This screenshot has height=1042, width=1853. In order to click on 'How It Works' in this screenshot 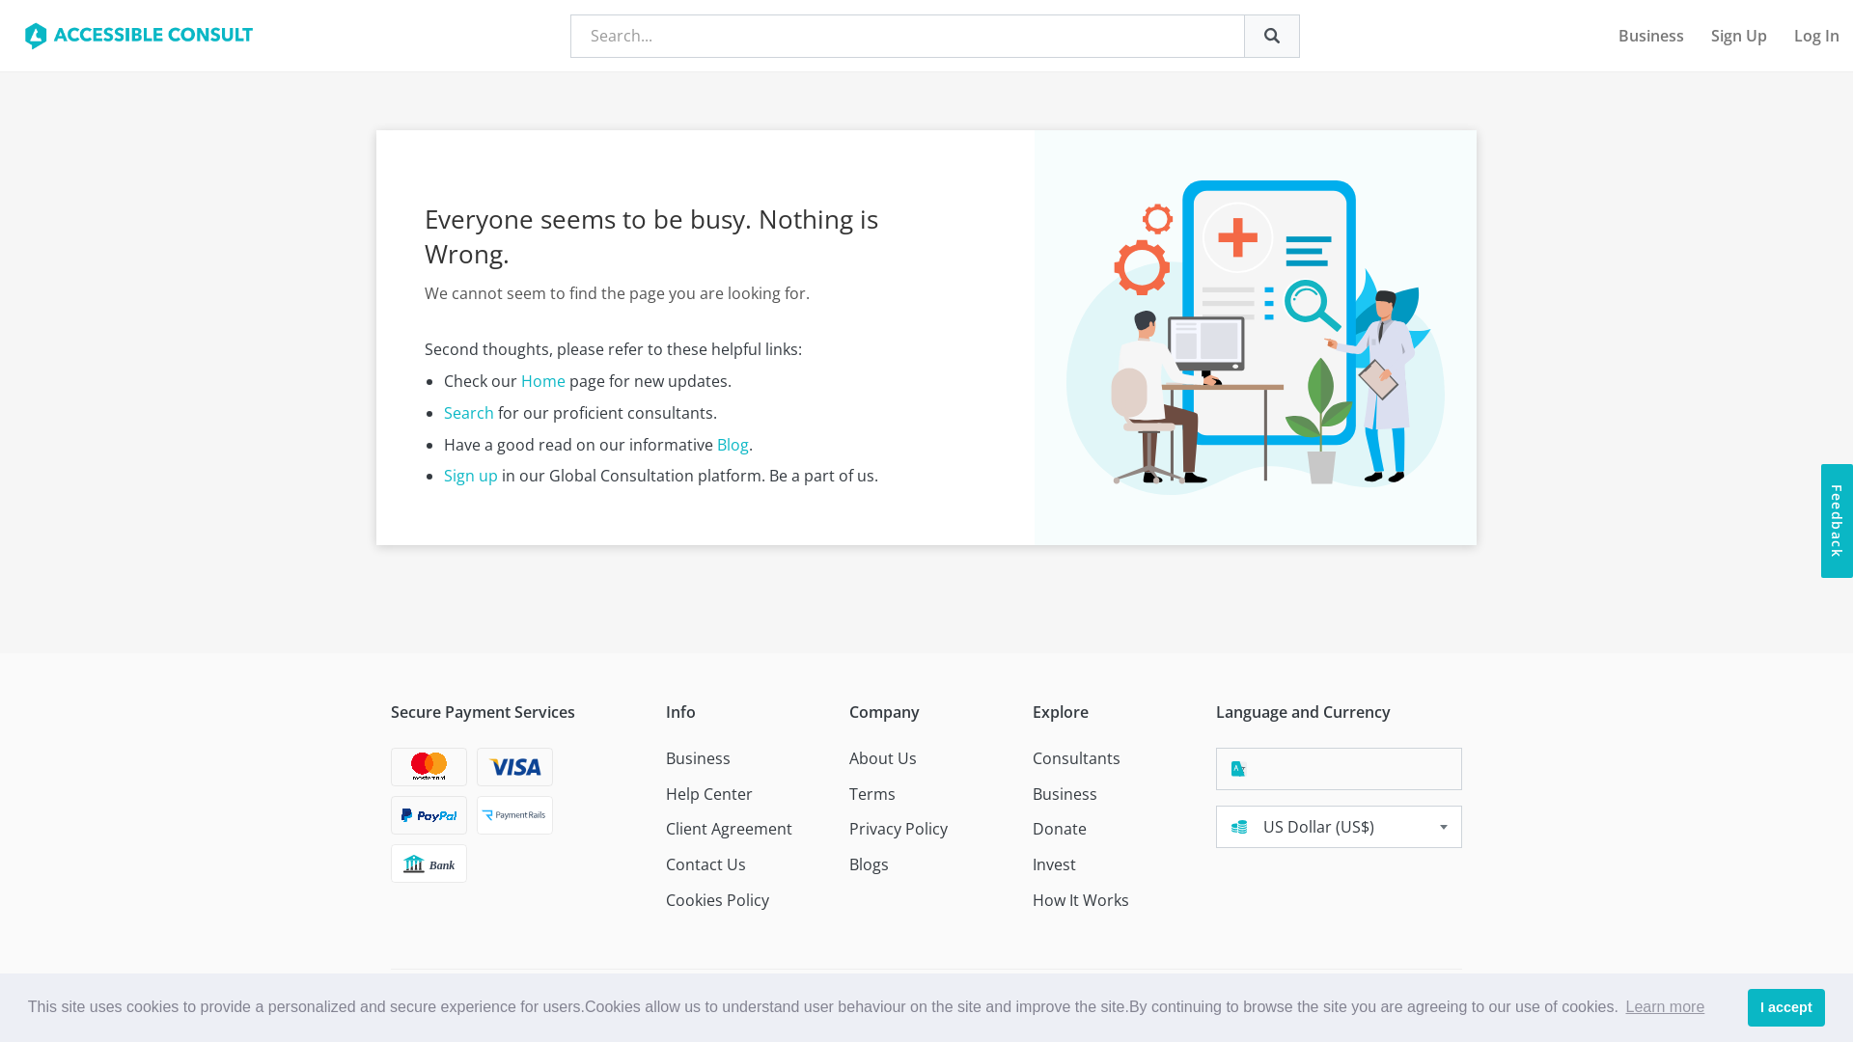, I will do `click(1079, 900)`.